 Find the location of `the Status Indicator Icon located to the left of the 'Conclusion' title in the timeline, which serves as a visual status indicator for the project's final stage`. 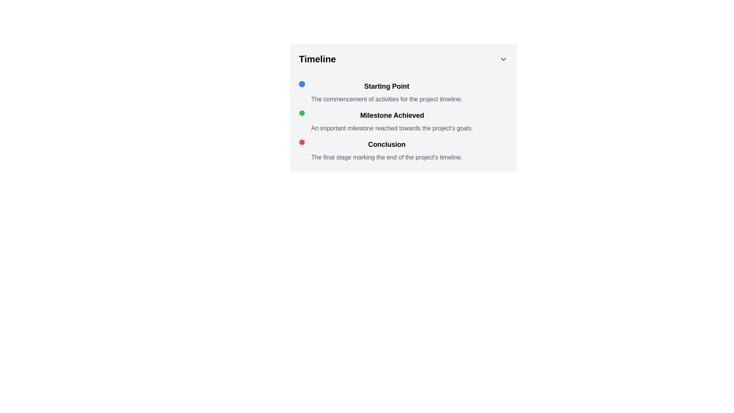

the Status Indicator Icon located to the left of the 'Conclusion' title in the timeline, which serves as a visual status indicator for the project's final stage is located at coordinates (302, 142).